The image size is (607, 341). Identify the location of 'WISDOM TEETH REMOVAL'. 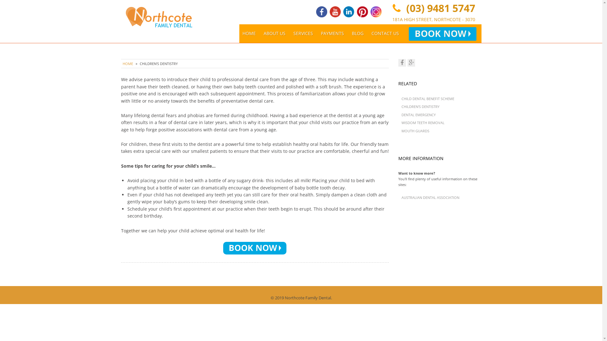
(423, 123).